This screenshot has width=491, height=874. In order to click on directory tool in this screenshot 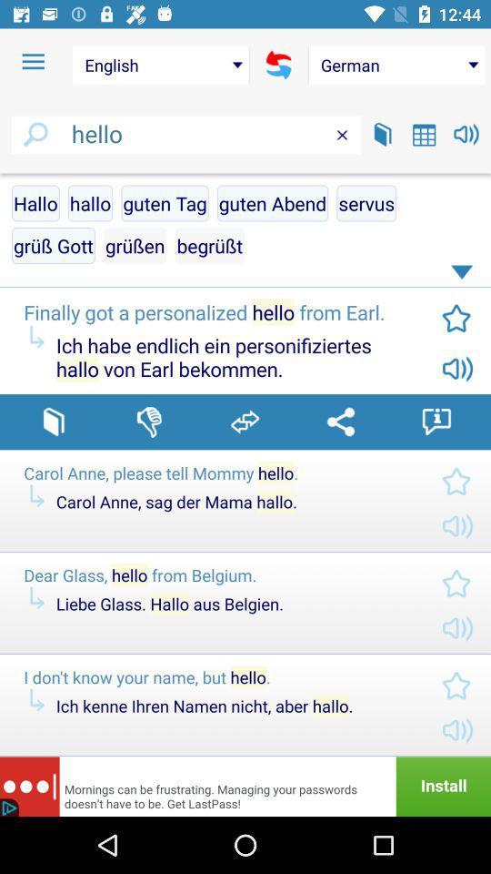, I will do `click(54, 422)`.